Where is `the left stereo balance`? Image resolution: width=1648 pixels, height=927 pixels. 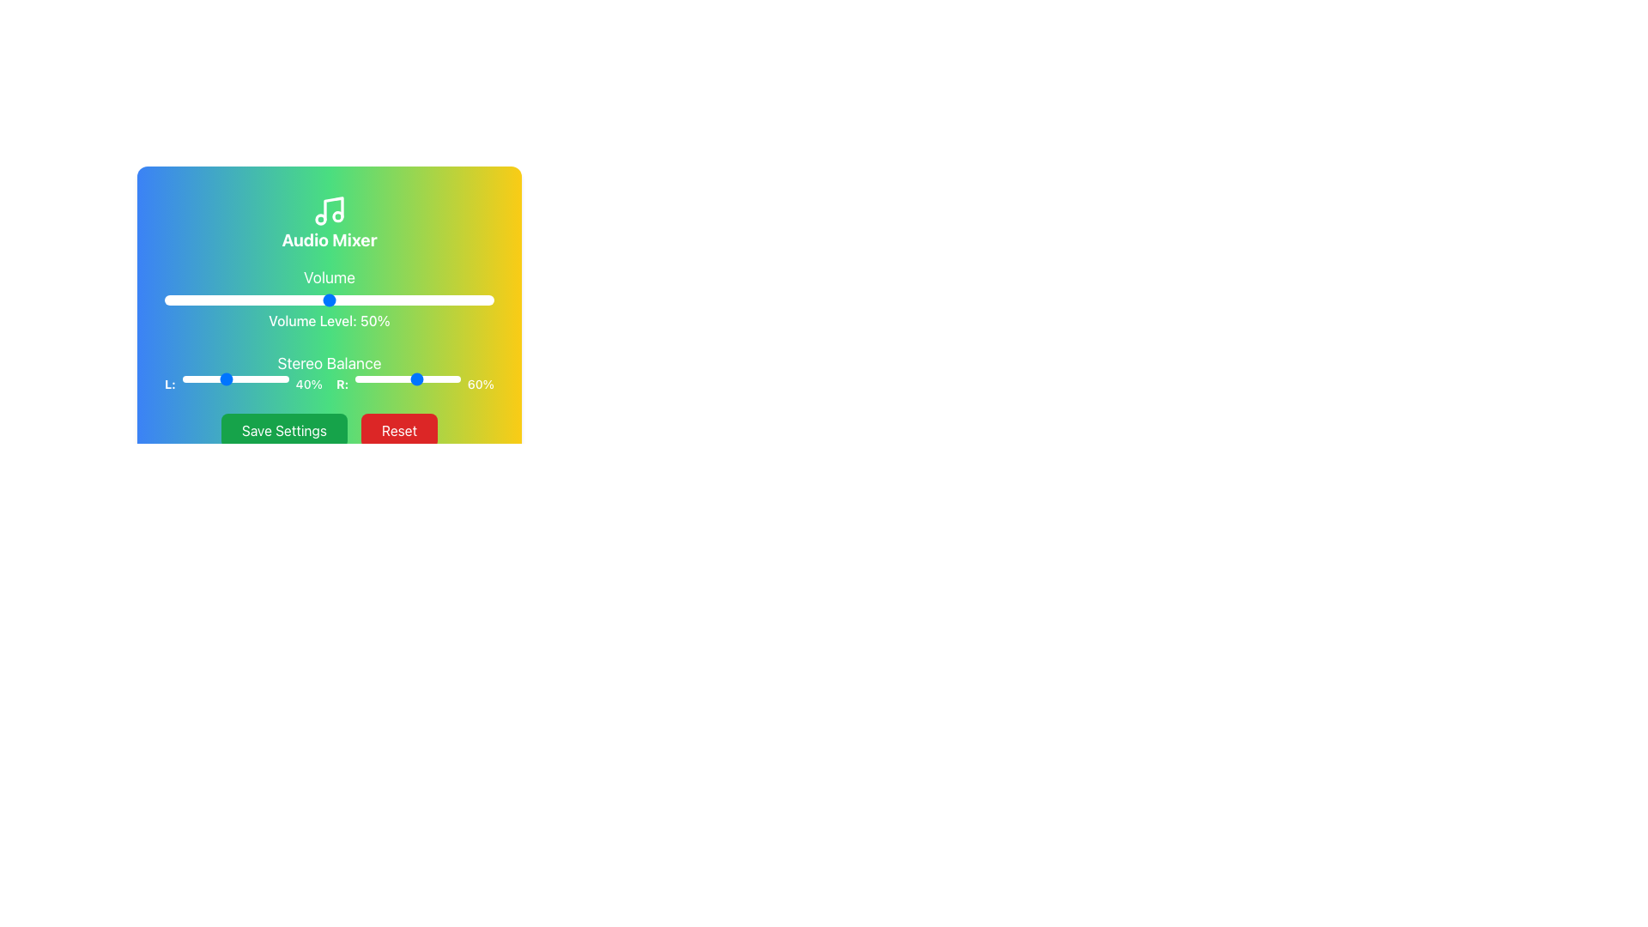
the left stereo balance is located at coordinates (204, 379).